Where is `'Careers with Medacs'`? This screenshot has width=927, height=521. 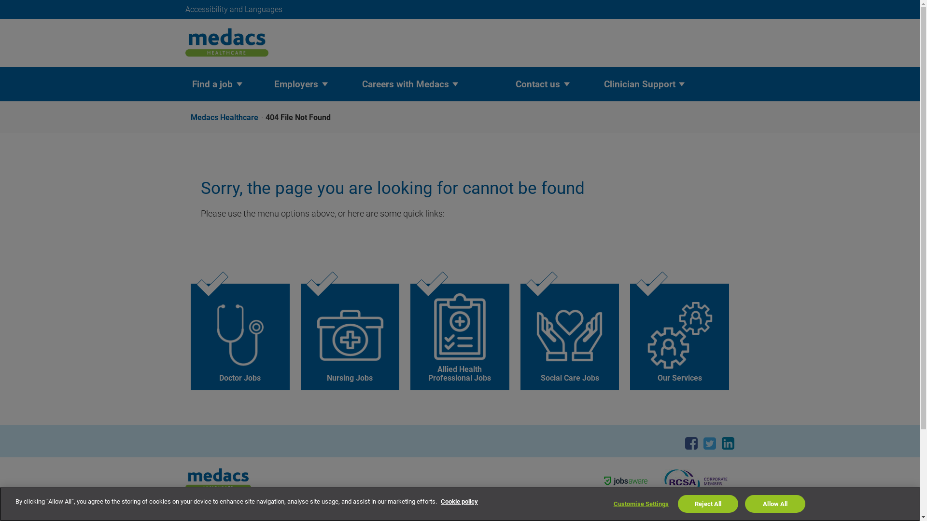 'Careers with Medacs' is located at coordinates (405, 83).